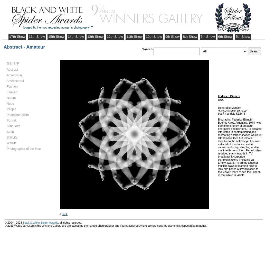 The image size is (265, 257). What do you see at coordinates (14, 222) in the screenshot?
I see `'© 2004 -
				2023'` at bounding box center [14, 222].